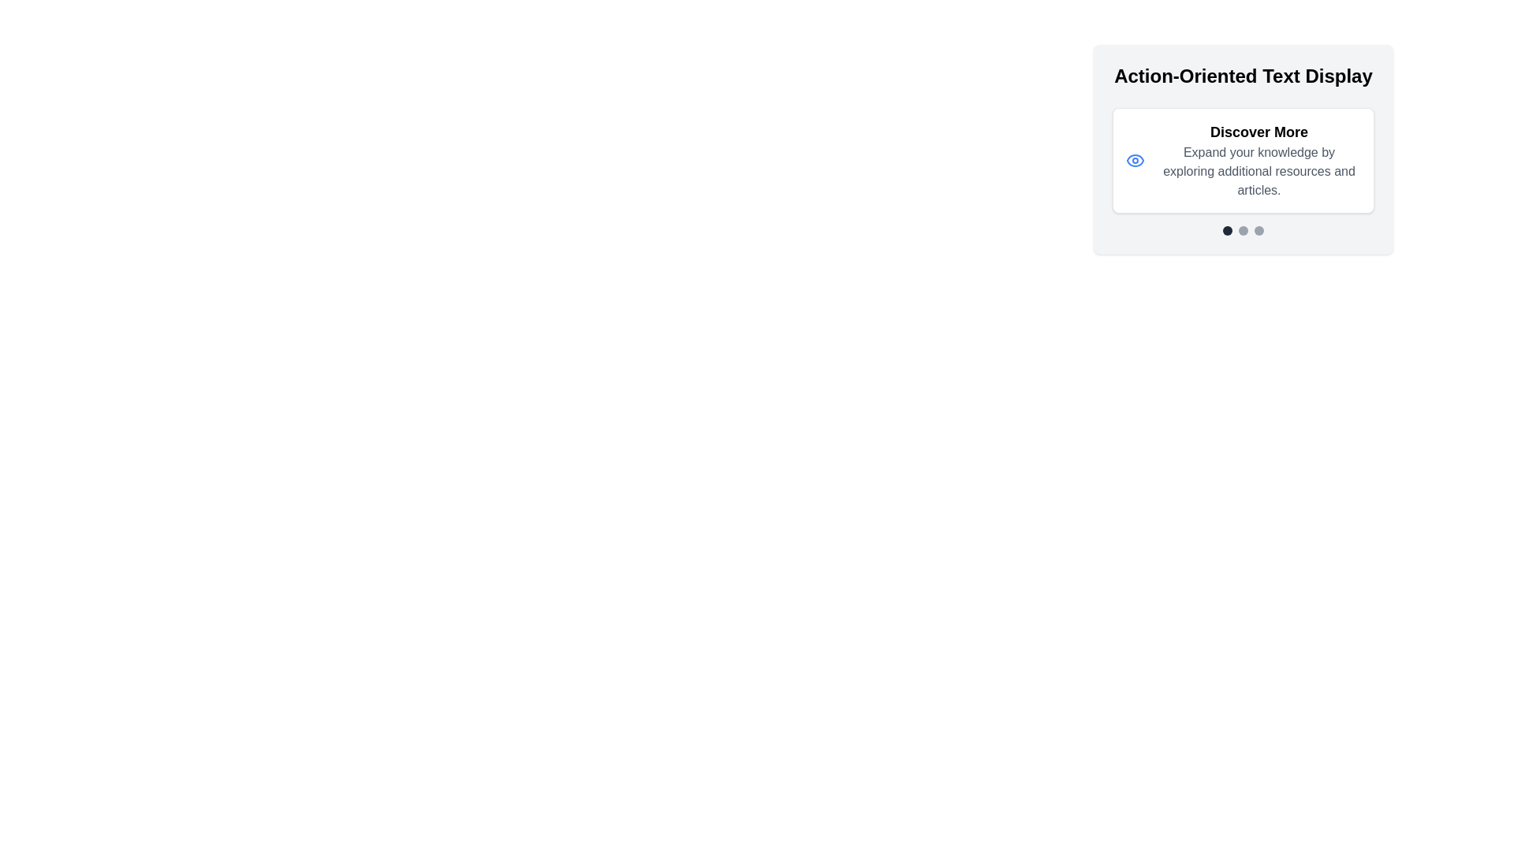  Describe the element at coordinates (1135, 161) in the screenshot. I see `the eye icon located to the left of the main heading and descriptive text within the 'Discover More' card` at that location.